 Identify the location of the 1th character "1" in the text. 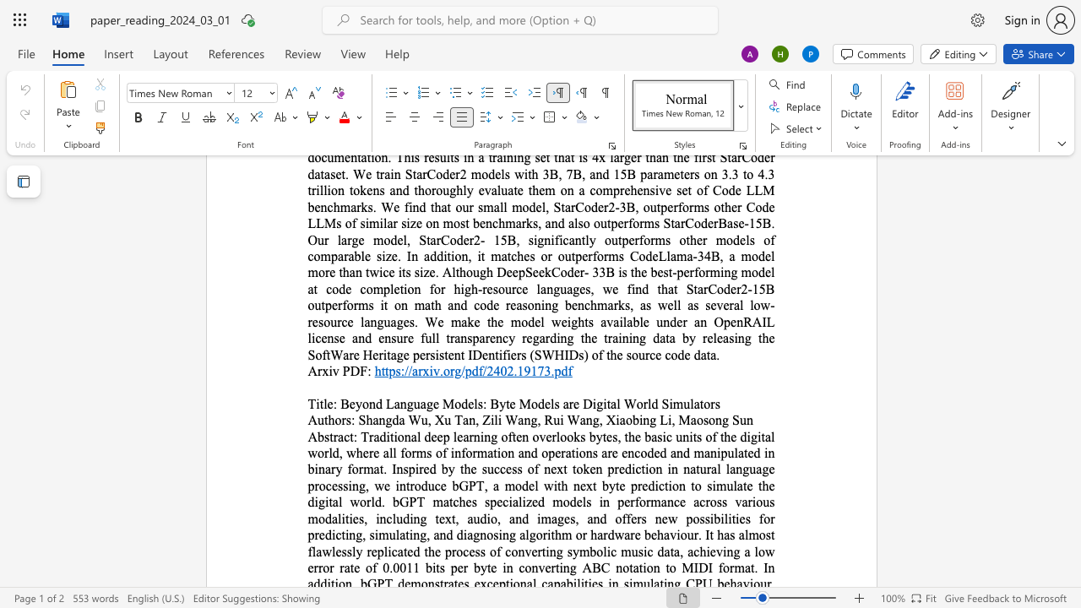
(519, 370).